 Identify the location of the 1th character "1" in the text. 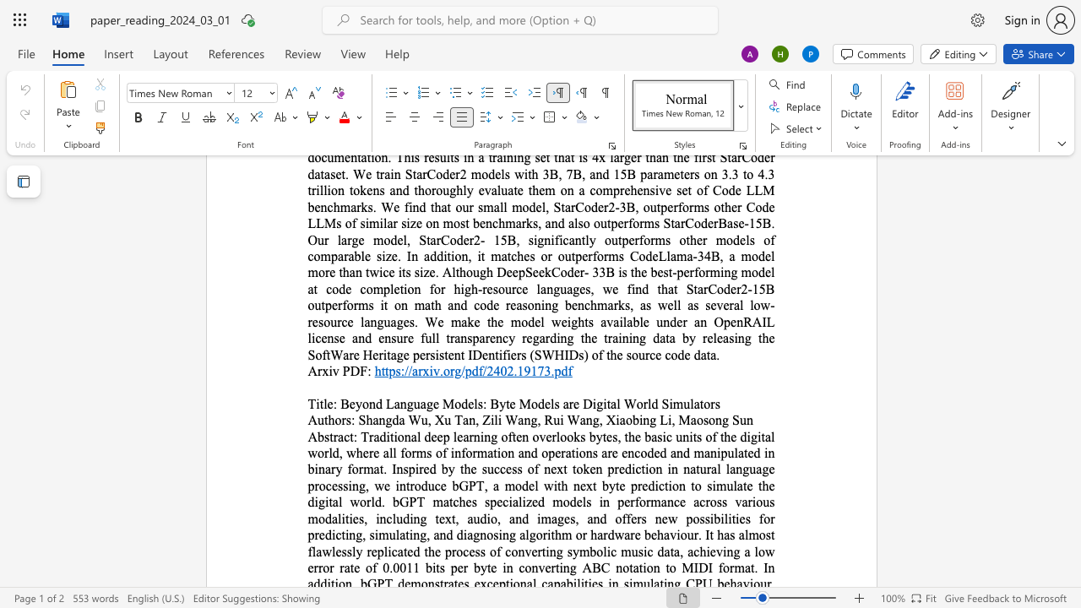
(519, 370).